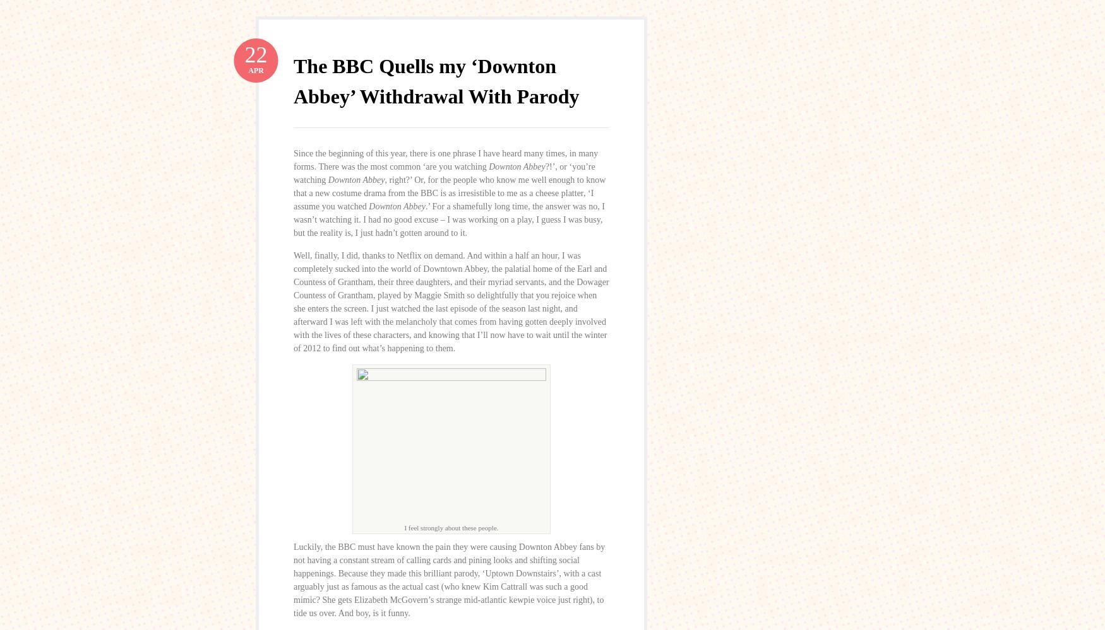 This screenshot has height=630, width=1105. I want to click on 'Apr', so click(248, 69).